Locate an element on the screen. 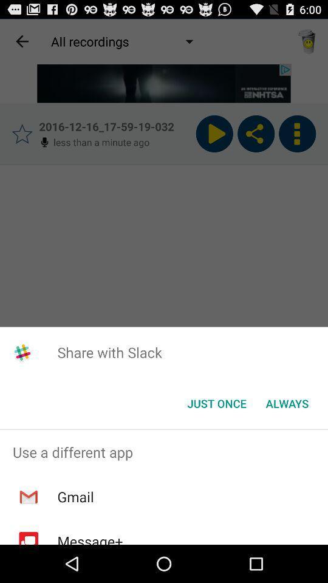  the use a different is located at coordinates (164, 451).